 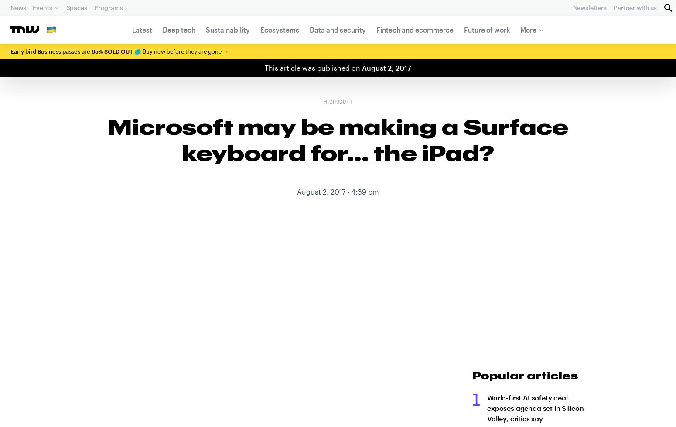 What do you see at coordinates (338, 140) in the screenshot?
I see `'Microsoft may be making a Surface keyboard for… the iPad?'` at bounding box center [338, 140].